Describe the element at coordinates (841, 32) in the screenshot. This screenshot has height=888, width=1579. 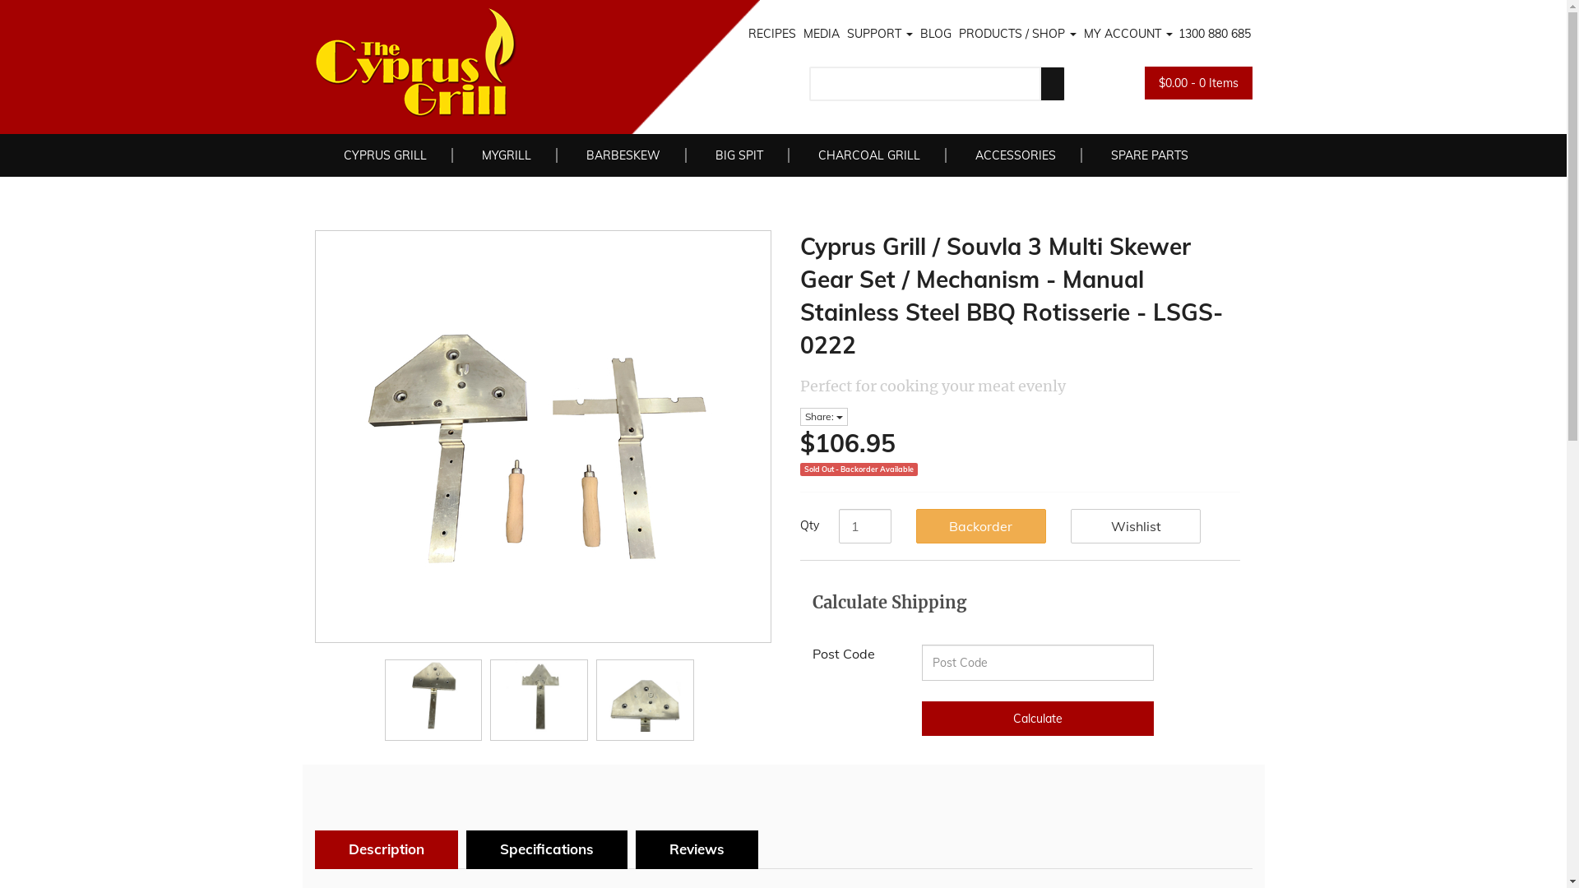
I see `'SUPPORT'` at that location.